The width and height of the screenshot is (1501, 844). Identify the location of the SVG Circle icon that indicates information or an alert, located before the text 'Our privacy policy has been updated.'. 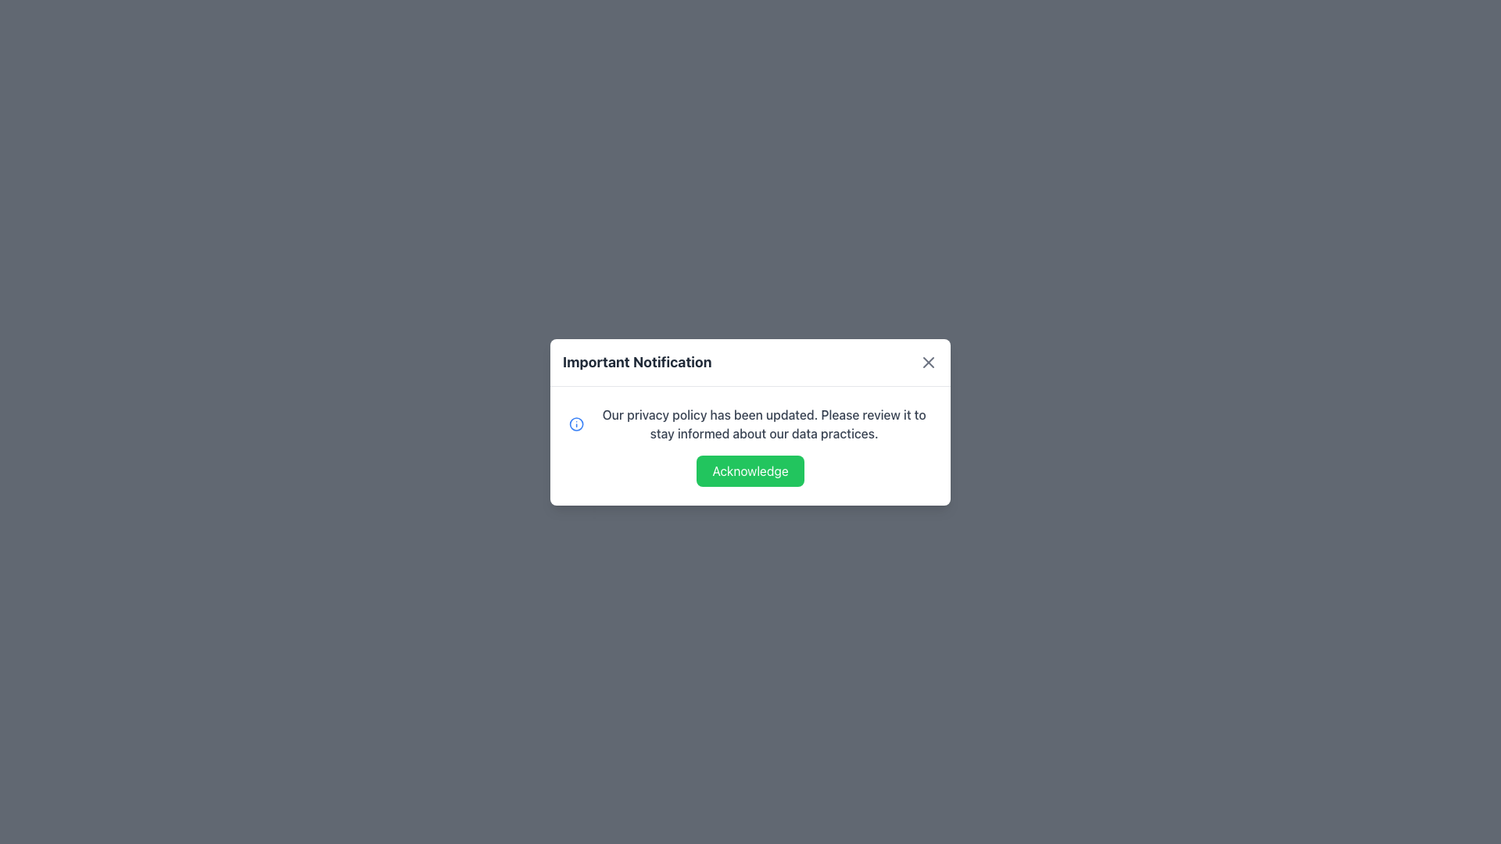
(575, 424).